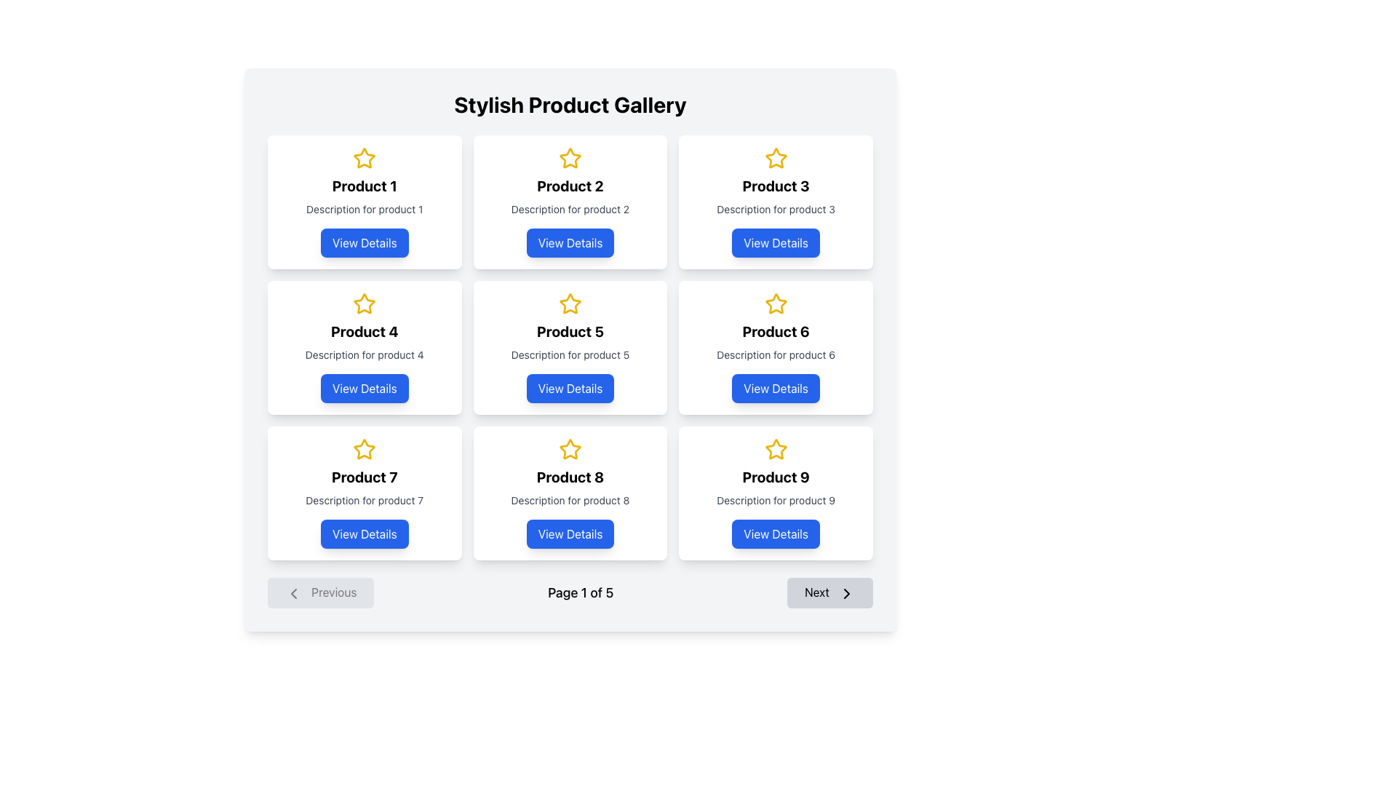 Image resolution: width=1397 pixels, height=786 pixels. Describe the element at coordinates (365, 331) in the screenshot. I see `text label that serves as the title for the product card located in the second row and first column of the product gallery` at that location.